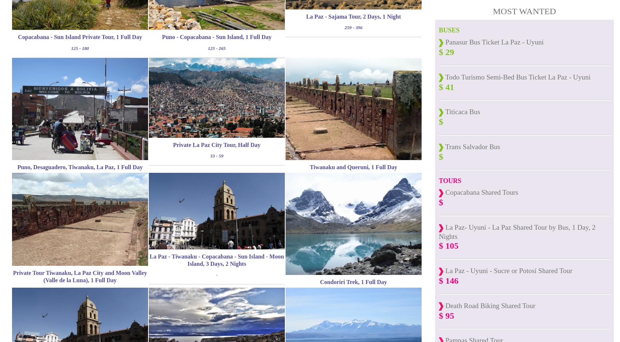  Describe the element at coordinates (449, 30) in the screenshot. I see `'BUSES'` at that location.